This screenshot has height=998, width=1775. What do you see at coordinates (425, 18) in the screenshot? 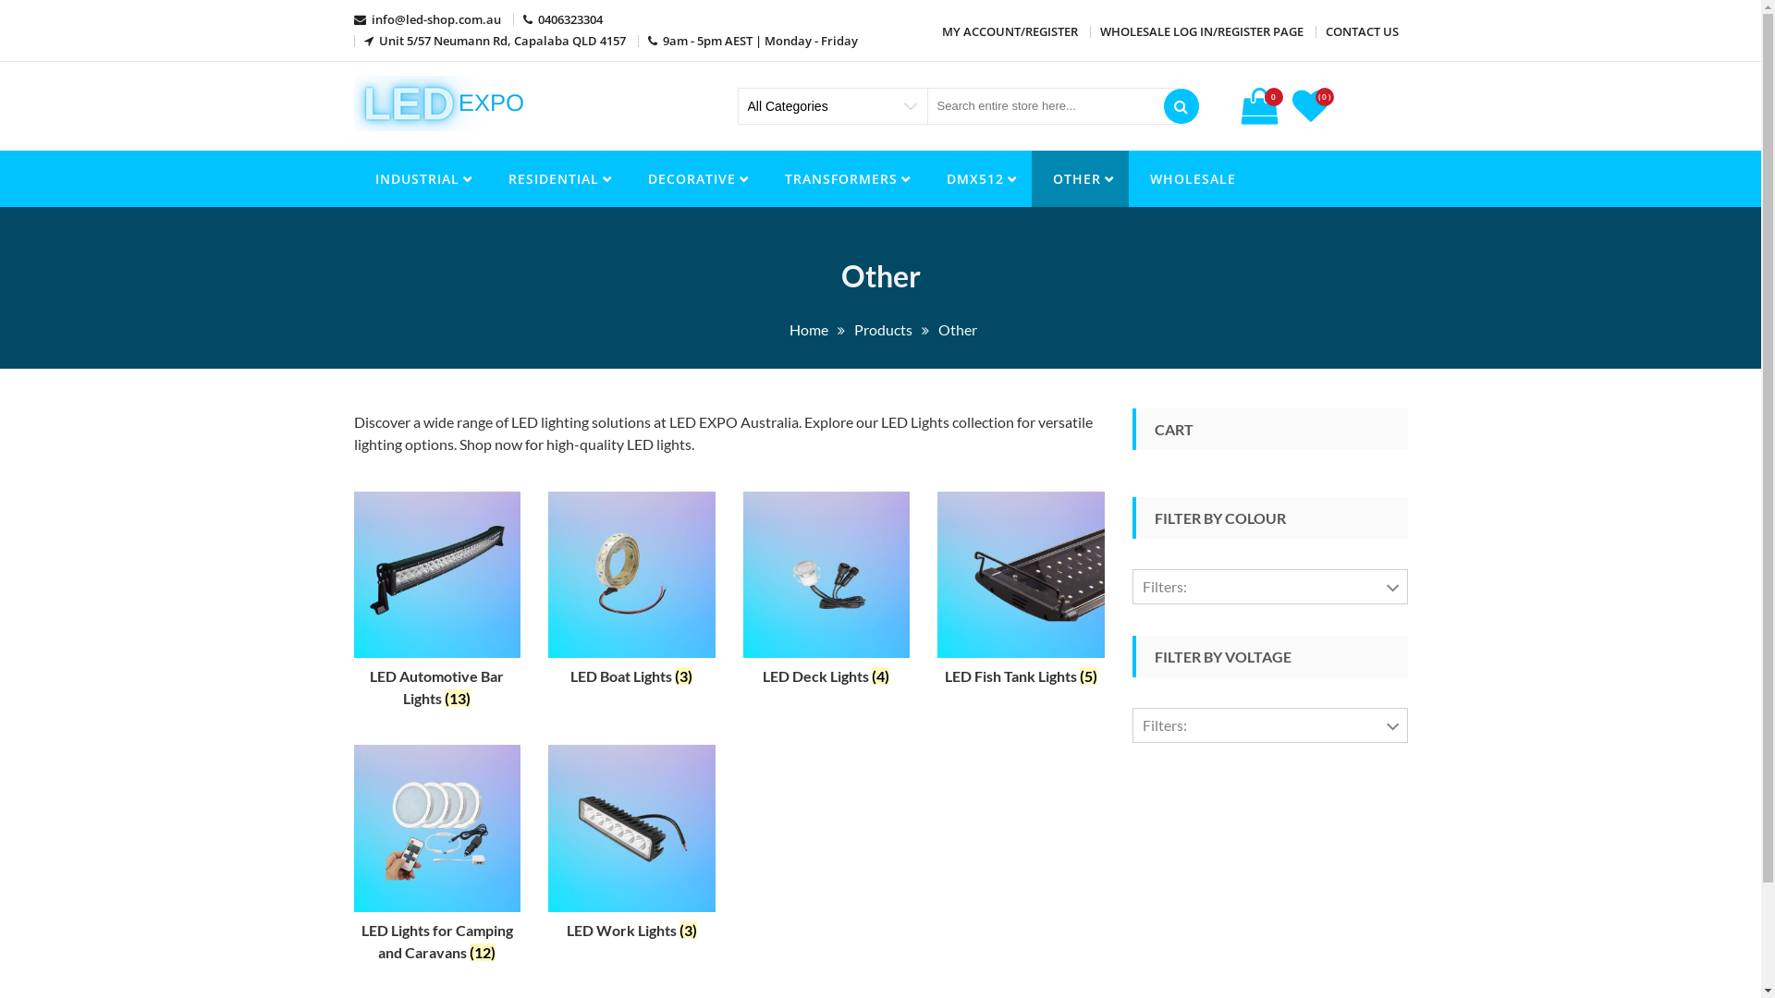
I see `'  info@led-shop.com.au'` at bounding box center [425, 18].